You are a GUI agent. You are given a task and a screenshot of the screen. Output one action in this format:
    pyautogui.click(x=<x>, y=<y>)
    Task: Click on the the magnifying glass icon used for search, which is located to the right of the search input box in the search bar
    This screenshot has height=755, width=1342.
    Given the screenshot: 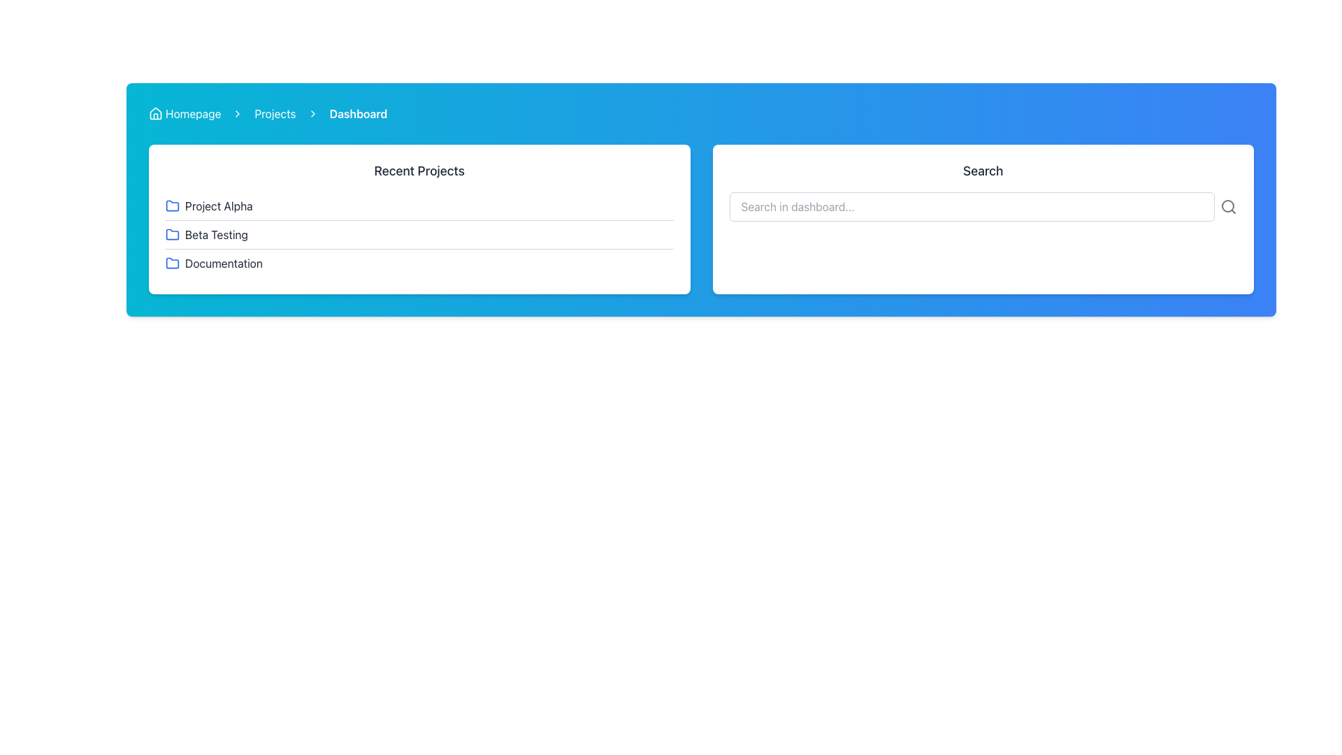 What is the action you would take?
    pyautogui.click(x=1227, y=207)
    